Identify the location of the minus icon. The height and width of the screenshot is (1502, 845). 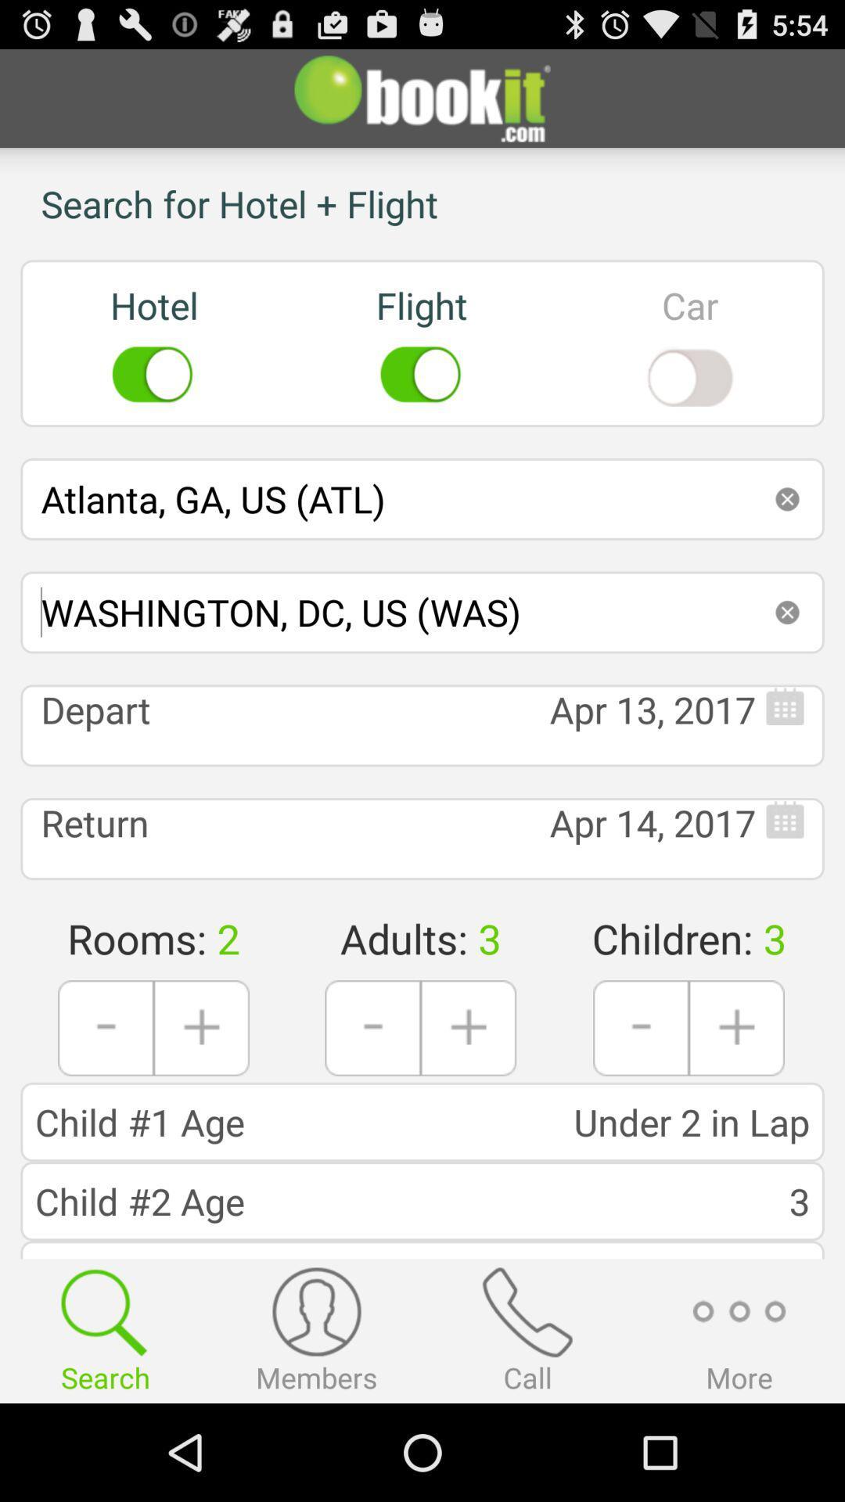
(372, 1099).